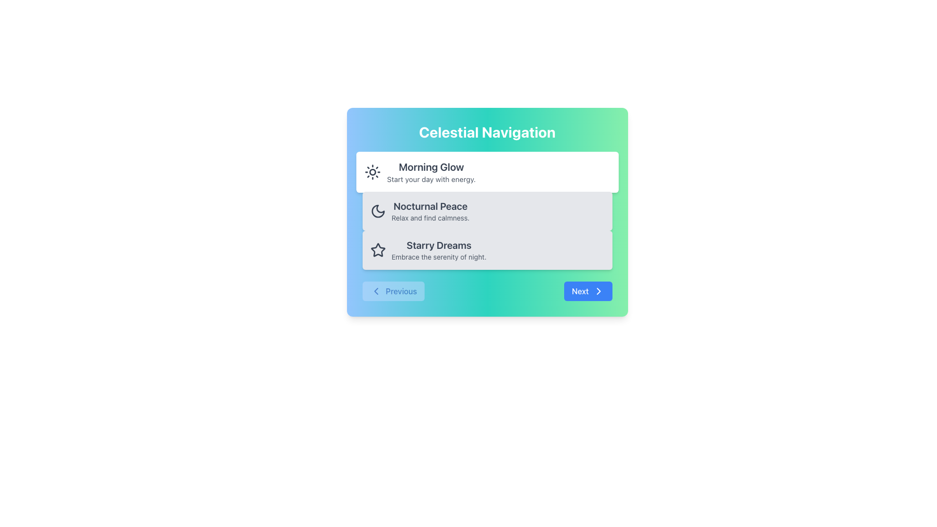 The image size is (937, 527). Describe the element at coordinates (588, 291) in the screenshot. I see `the navigation button located in the bottom-right corner of the 'Celestial Navigation' panel to enable keyboard navigation` at that location.